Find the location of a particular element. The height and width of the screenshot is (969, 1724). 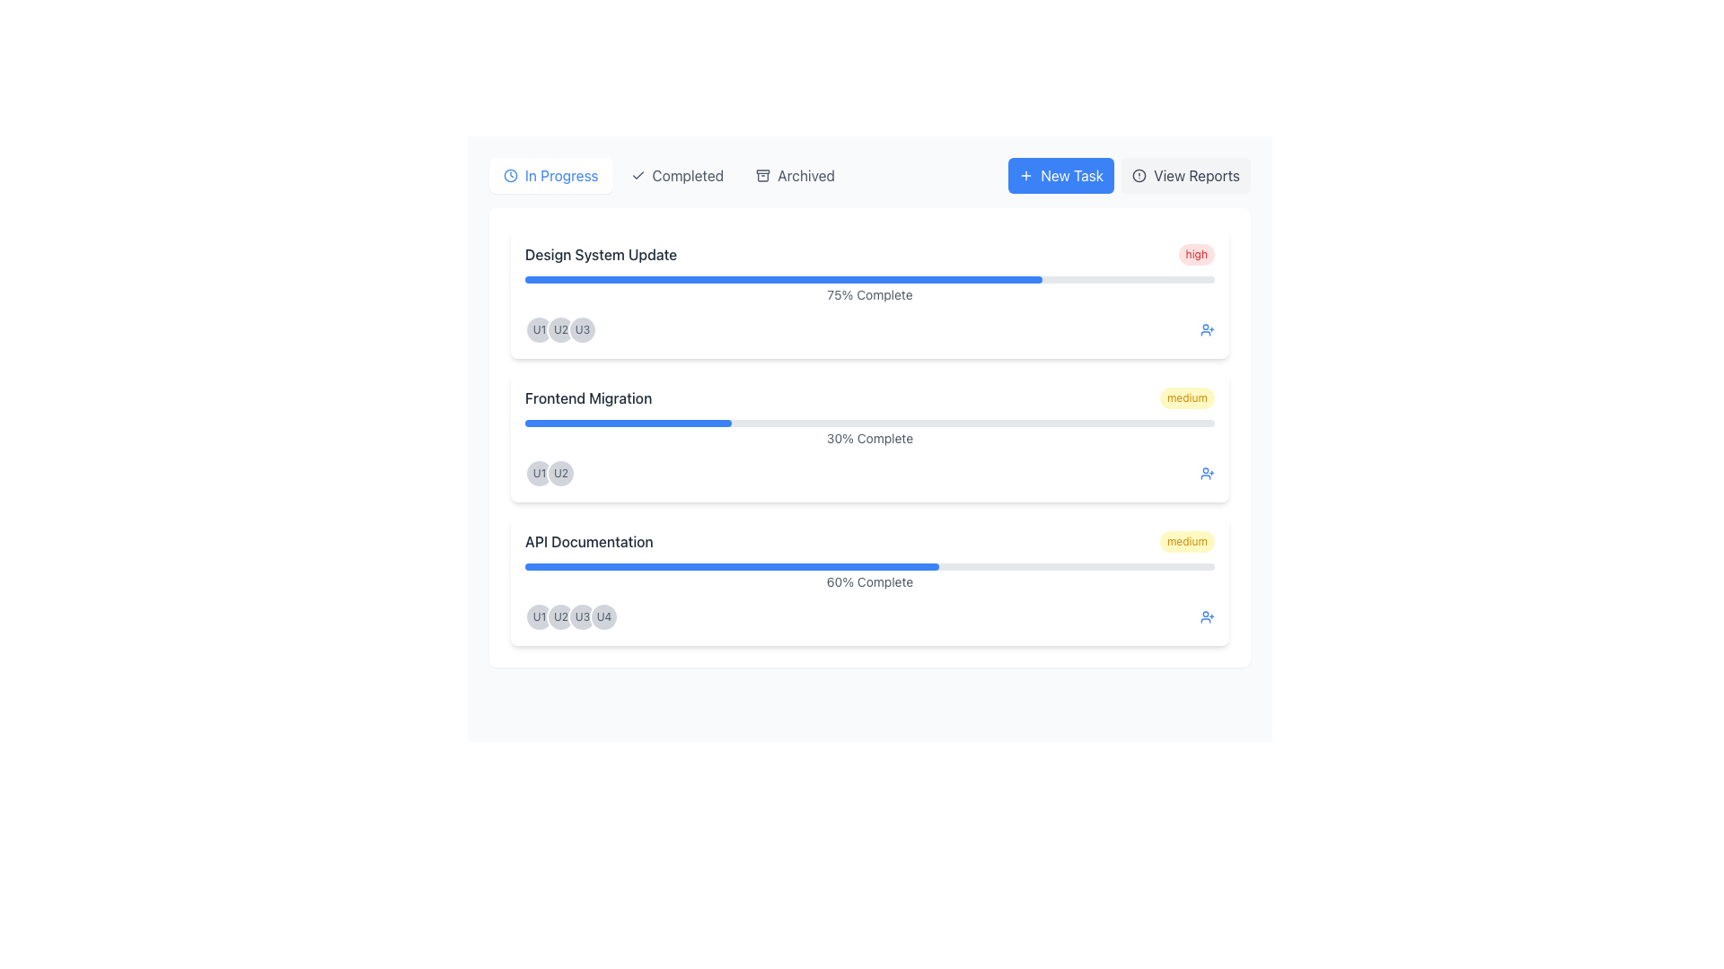

the text label 'U4' within the fourth circular badge, which is light gray with a white border, located below the 'API Documentation' section and adjacent to the badges for 'U1', 'U2', and 'U3' is located at coordinates (603, 615).